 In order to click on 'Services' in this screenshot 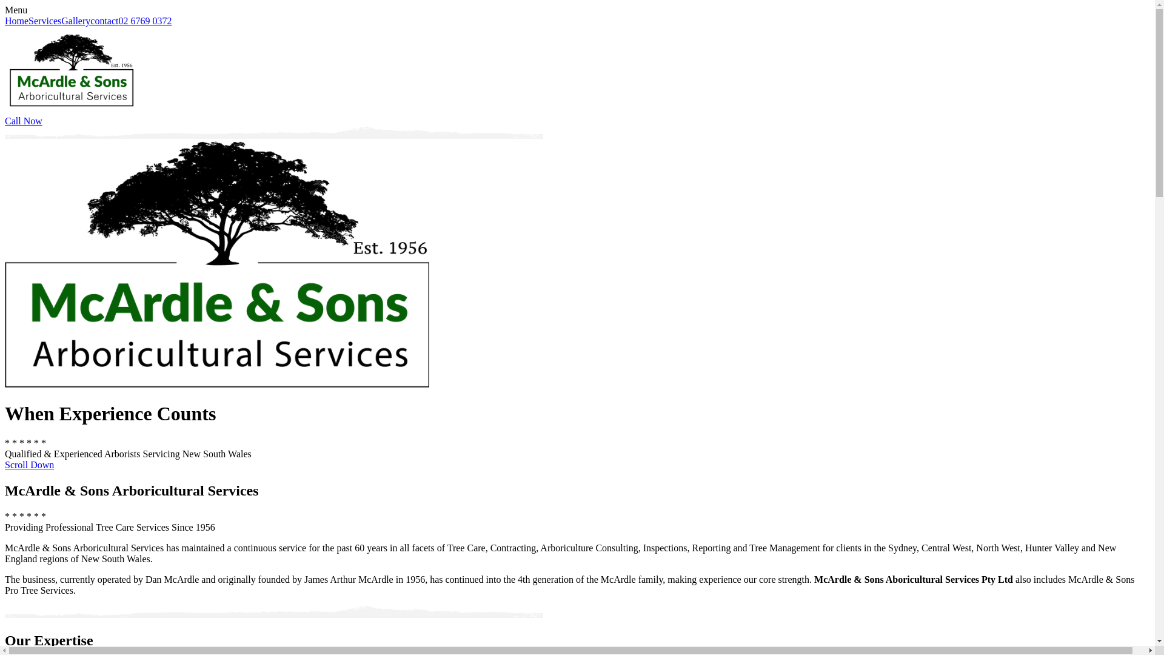, I will do `click(44, 21)`.